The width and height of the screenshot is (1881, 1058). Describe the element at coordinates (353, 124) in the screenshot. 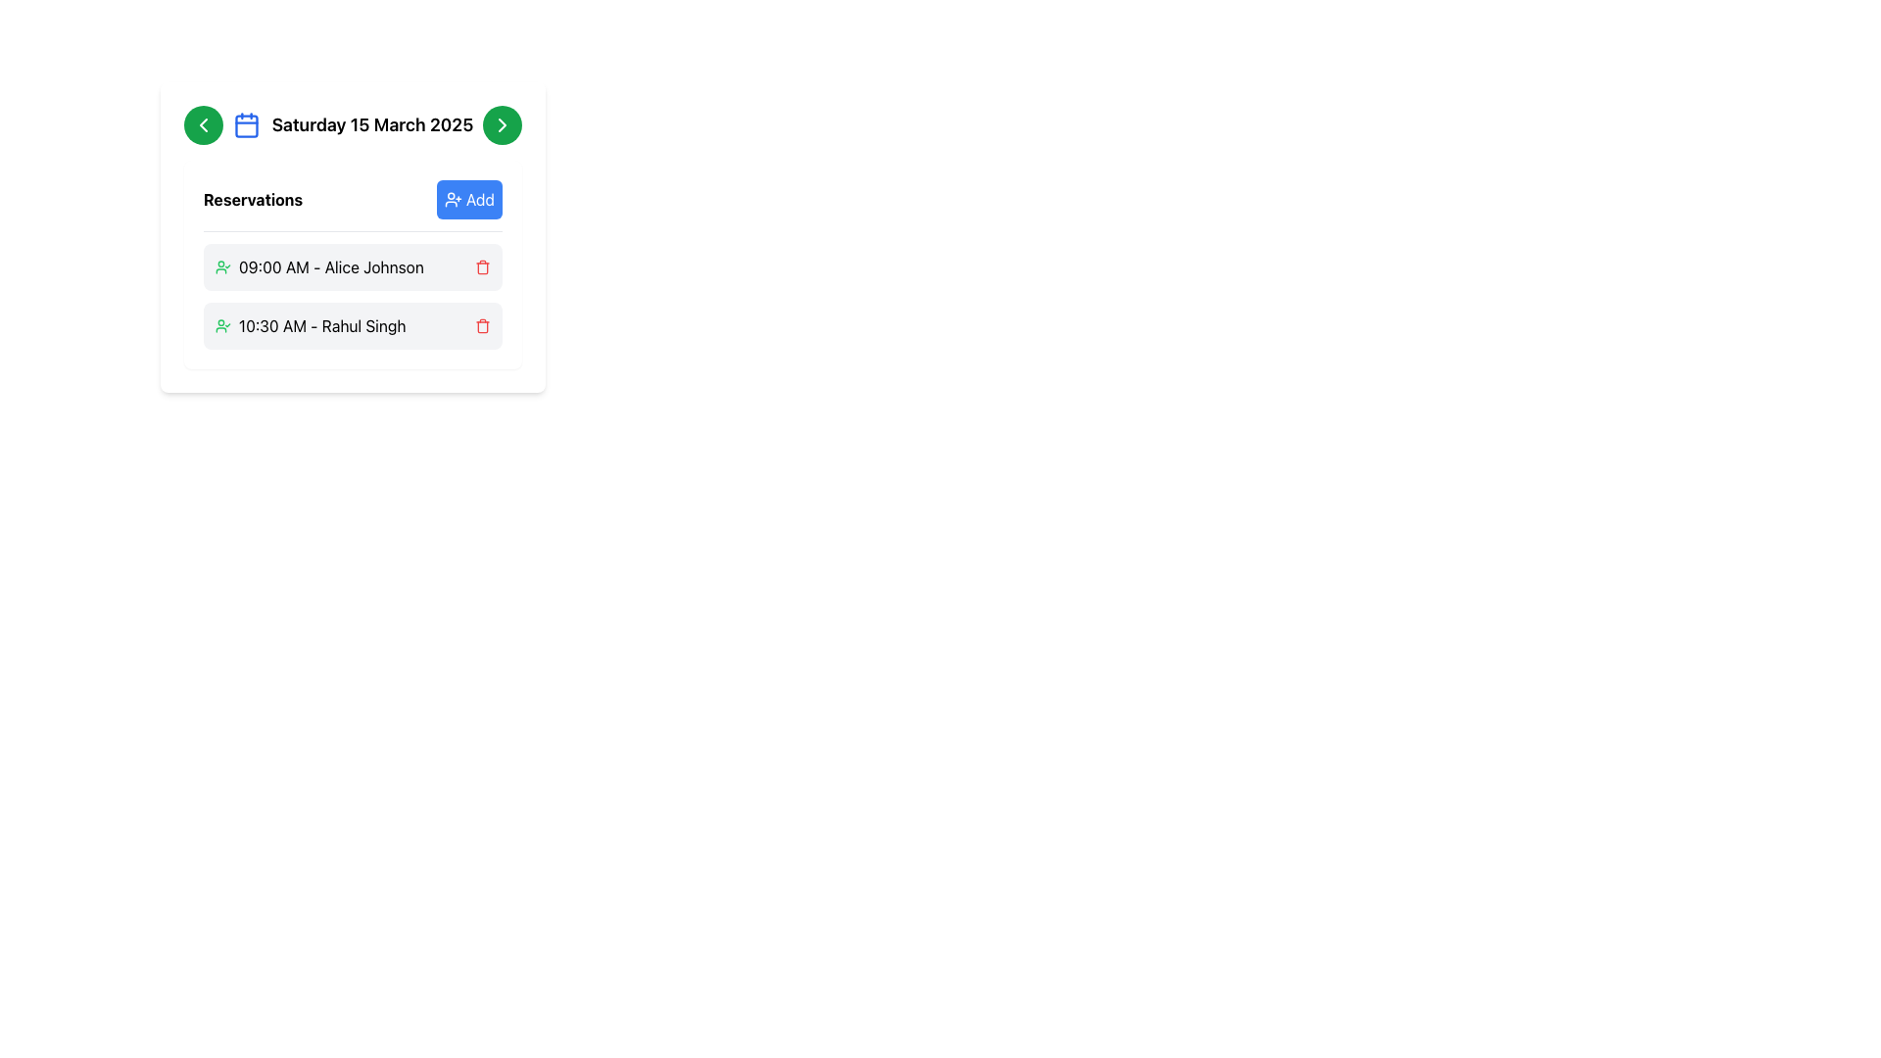

I see `the text label displaying the selected date for reservations, which is centrally positioned between two green circular buttons with chevron icons` at that location.